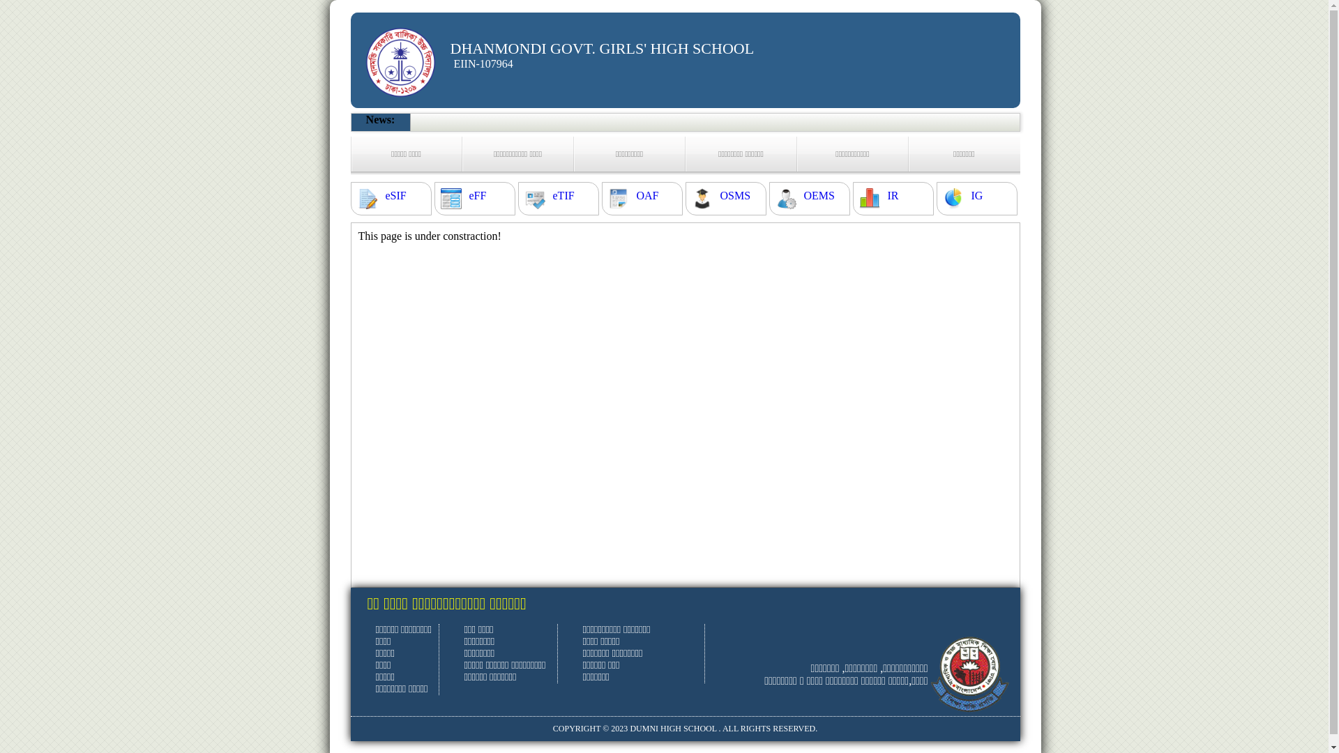  What do you see at coordinates (672, 728) in the screenshot?
I see `'DUMNI HIGH SCHOOL'` at bounding box center [672, 728].